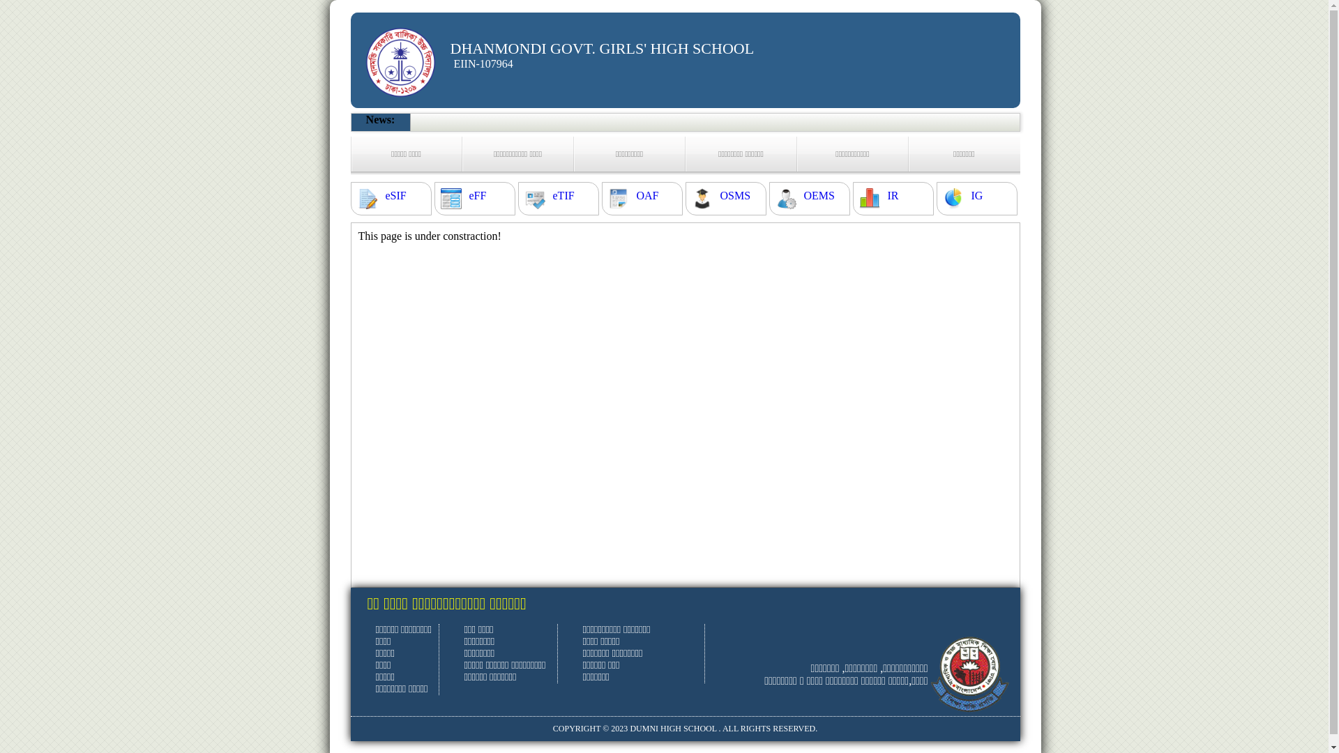  What do you see at coordinates (672, 728) in the screenshot?
I see `'DUMNI HIGH SCHOOL'` at bounding box center [672, 728].